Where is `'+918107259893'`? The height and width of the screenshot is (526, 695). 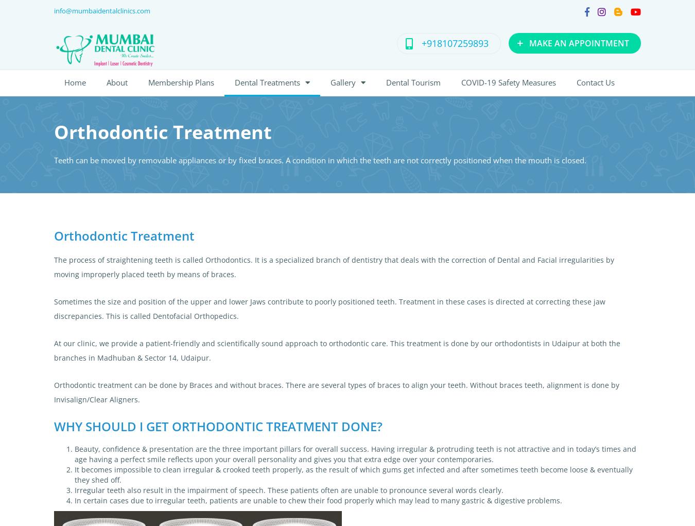 '+918107259893' is located at coordinates (454, 42).